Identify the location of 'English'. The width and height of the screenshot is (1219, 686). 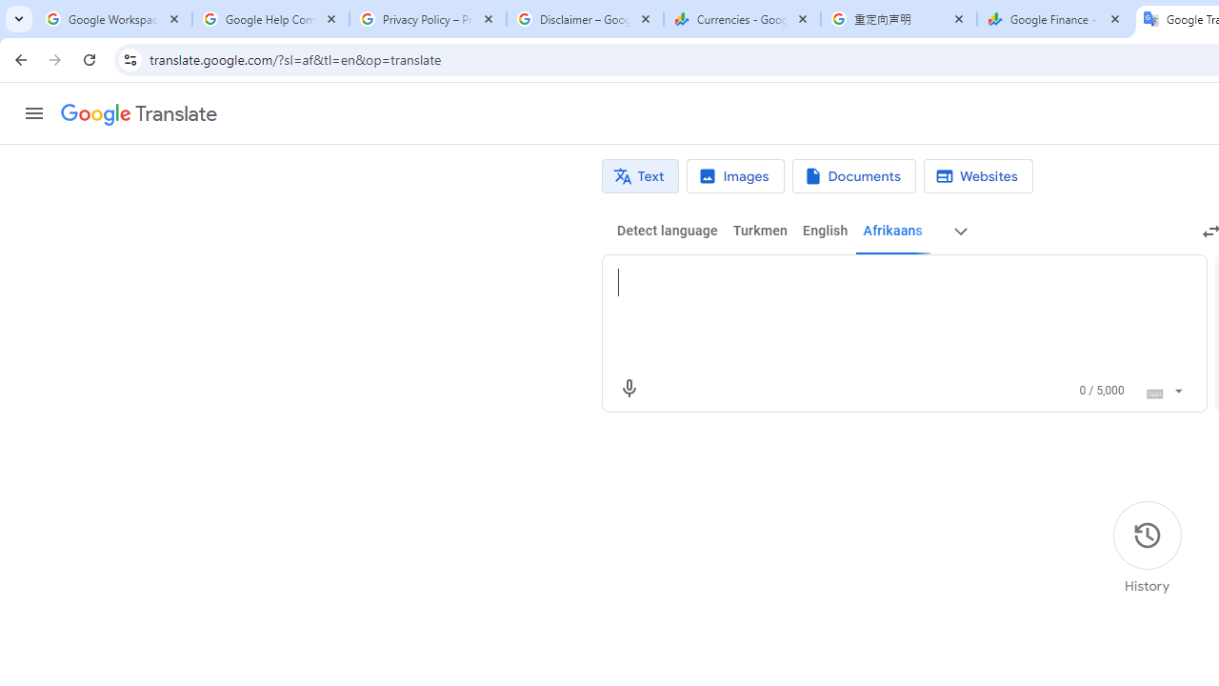
(825, 231).